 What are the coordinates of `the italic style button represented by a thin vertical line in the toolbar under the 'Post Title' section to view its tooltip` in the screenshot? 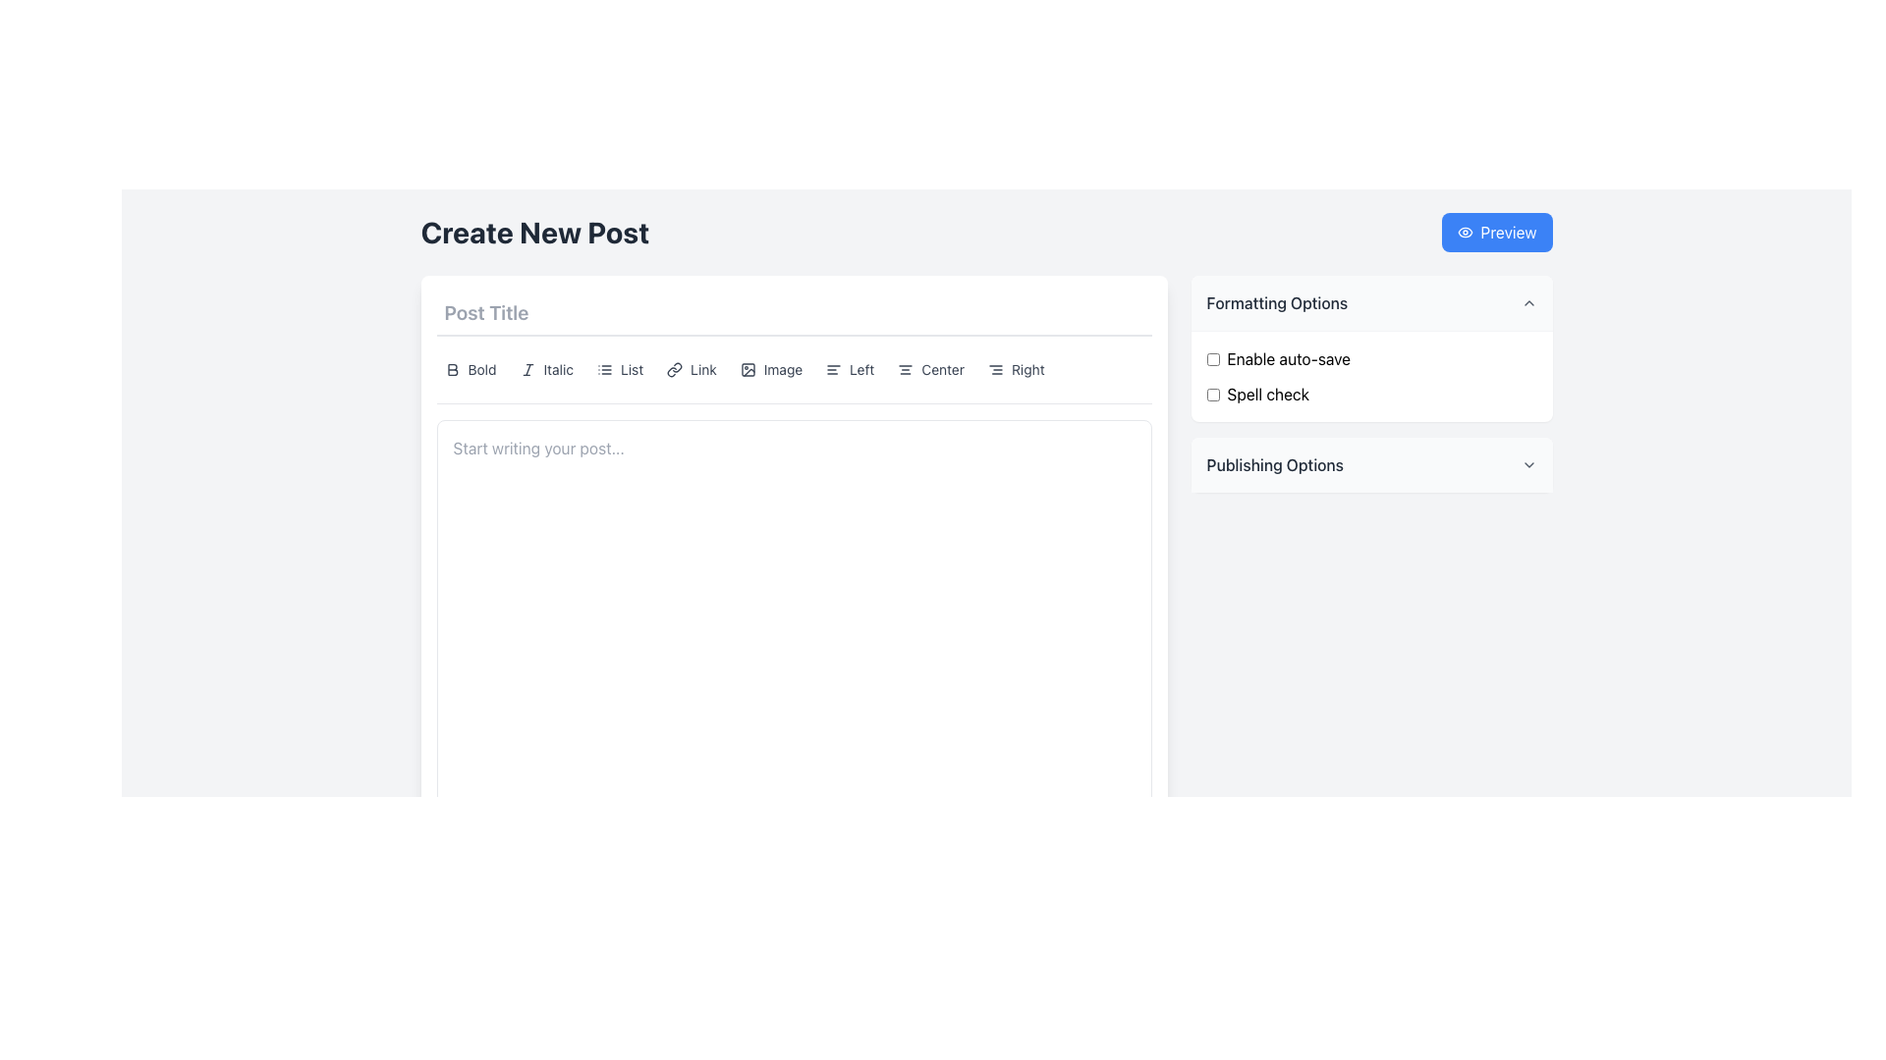 It's located at (527, 370).